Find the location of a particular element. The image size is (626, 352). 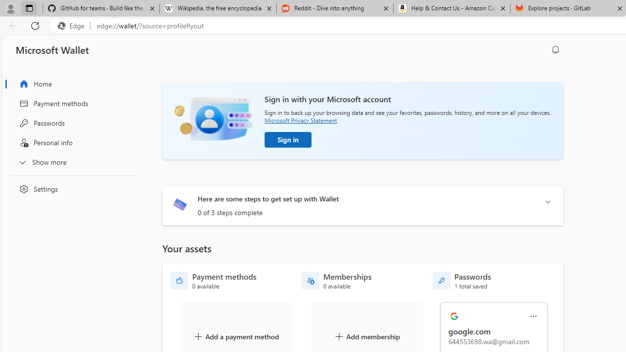

'Show more' is located at coordinates (70, 161).